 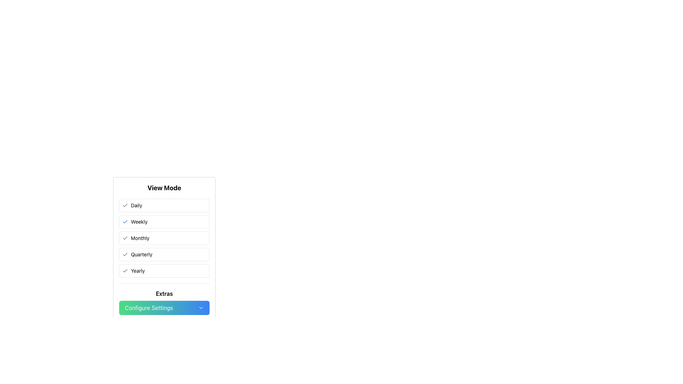 What do you see at coordinates (125, 254) in the screenshot?
I see `the Checkbox Icon (SVG Checkmark) located in the top-left segment of the 'Quarterly' option in the 'View Mode' section to indicate selection` at bounding box center [125, 254].